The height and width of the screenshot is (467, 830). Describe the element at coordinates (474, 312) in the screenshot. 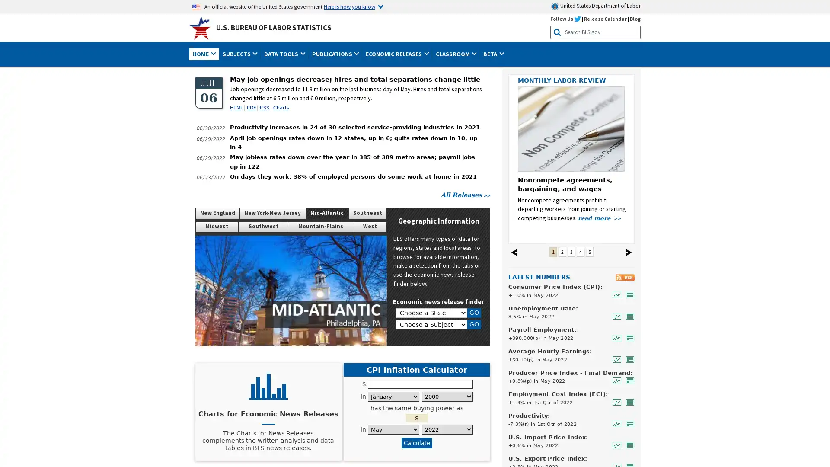

I see `GO` at that location.